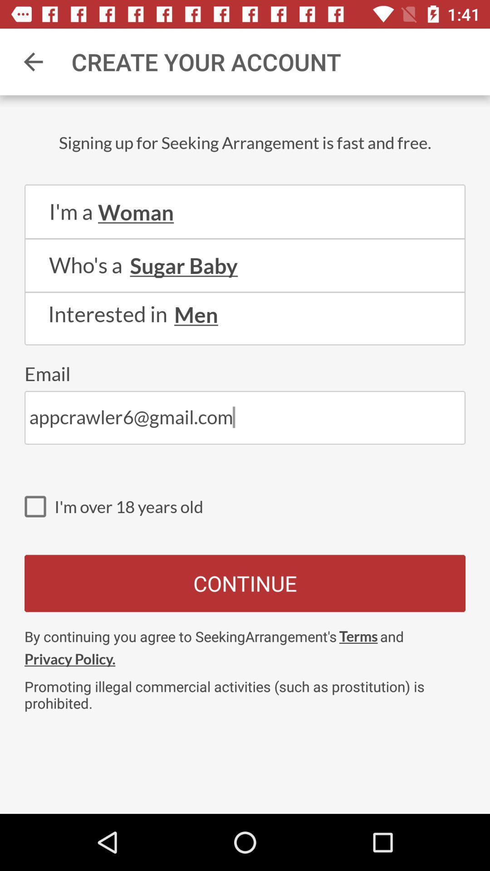 This screenshot has width=490, height=871. I want to click on the item to the left of i m over, so click(39, 506).